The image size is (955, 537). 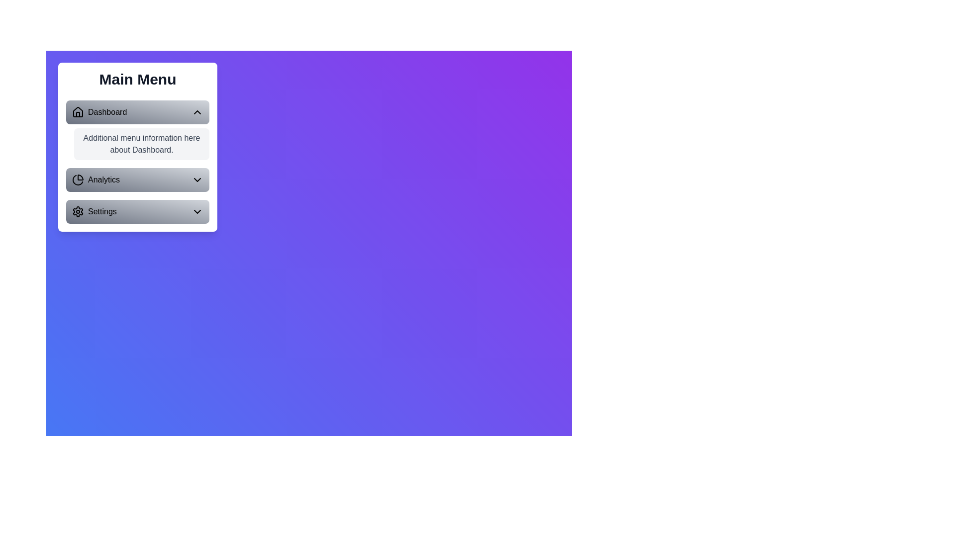 I want to click on the decorative icon for the 'Dashboard' section in the Main Menu, located to the left of the 'Dashboard' text label, so click(x=78, y=111).